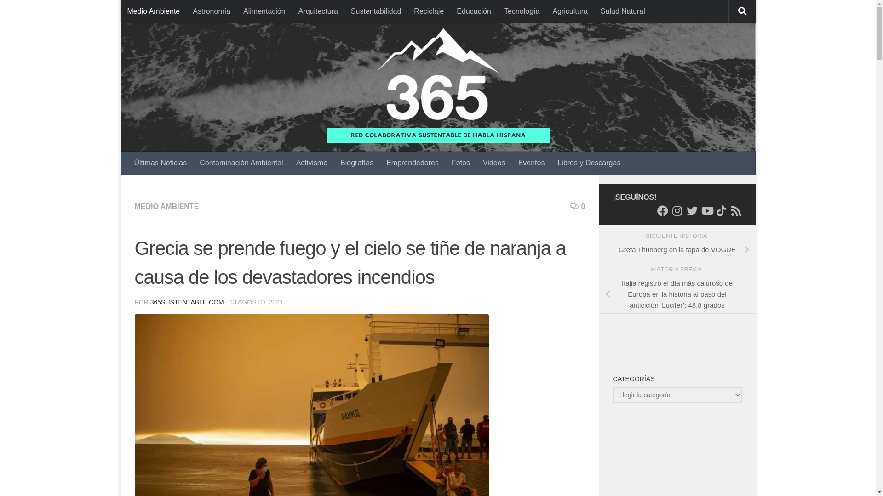  I want to click on '0', so click(577, 206).